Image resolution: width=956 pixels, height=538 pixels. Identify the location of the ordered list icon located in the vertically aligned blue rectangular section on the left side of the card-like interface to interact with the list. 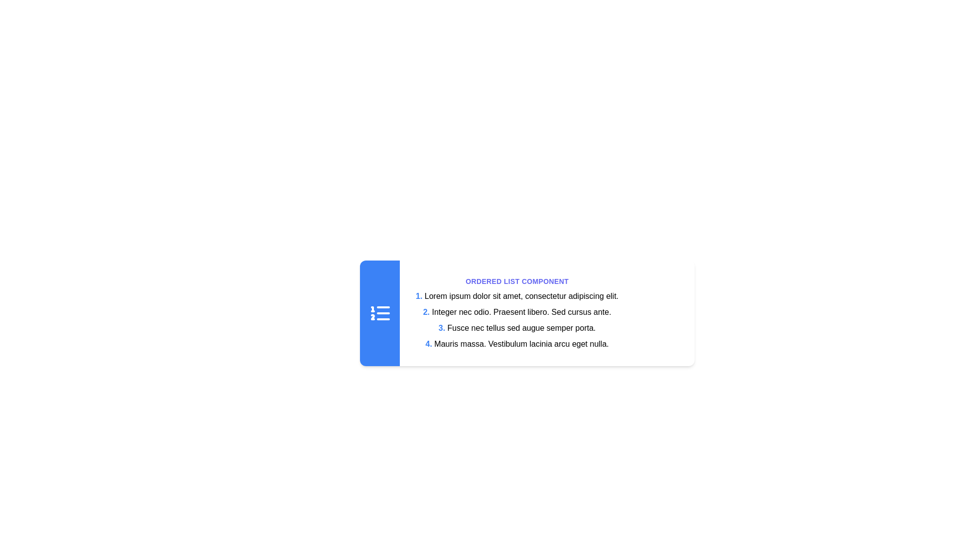
(379, 312).